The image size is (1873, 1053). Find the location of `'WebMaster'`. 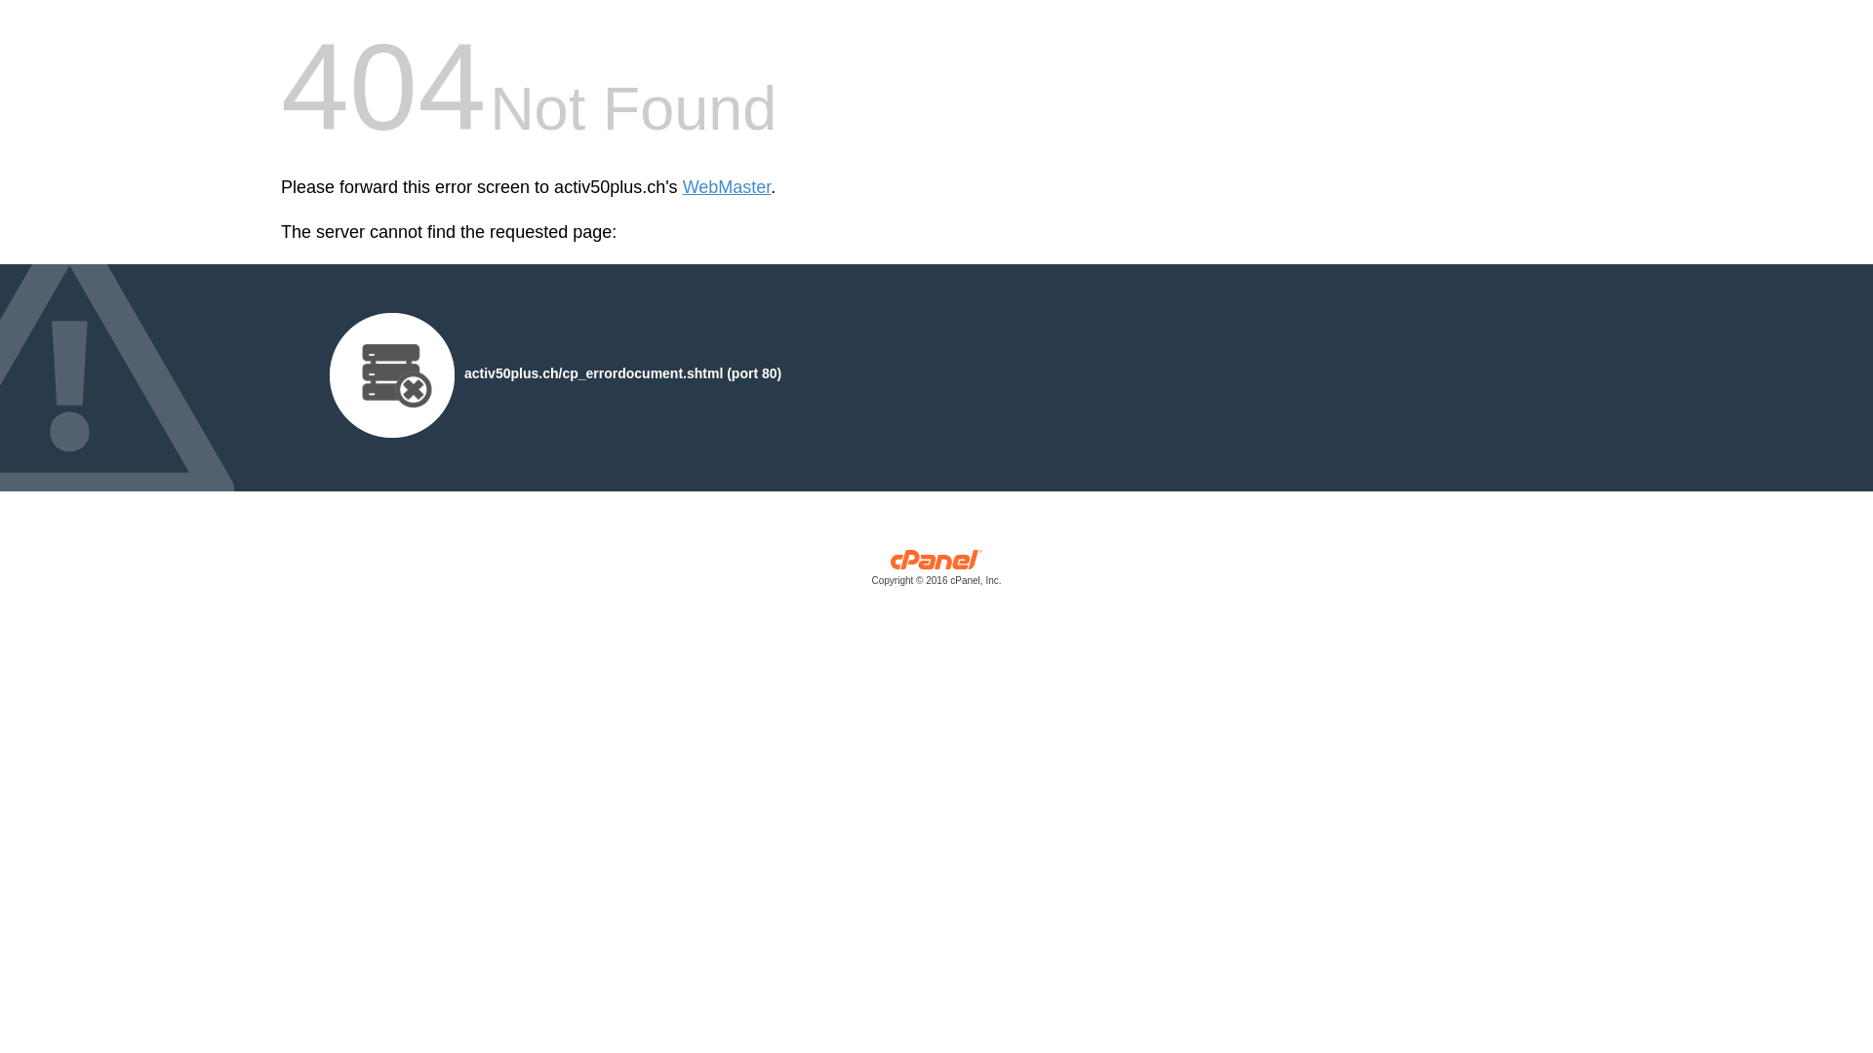

'WebMaster' is located at coordinates (726, 187).